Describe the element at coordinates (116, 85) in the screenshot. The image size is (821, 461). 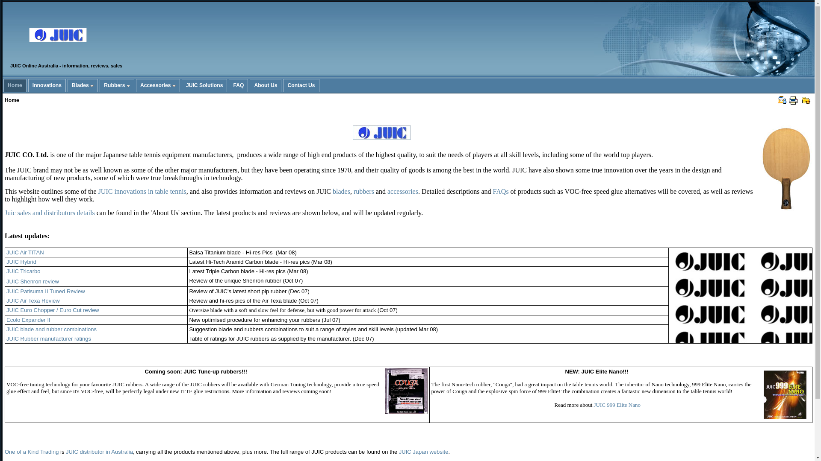
I see `'Rubbers '` at that location.